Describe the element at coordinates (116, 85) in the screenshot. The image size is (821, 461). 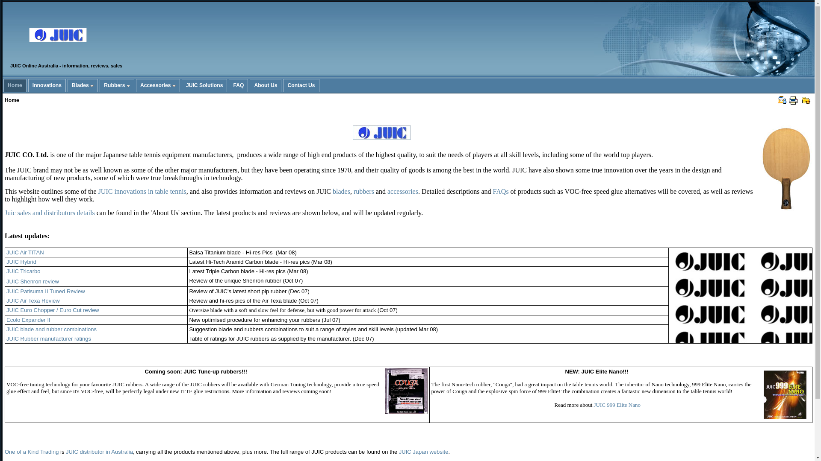
I see `'Rubbers '` at that location.